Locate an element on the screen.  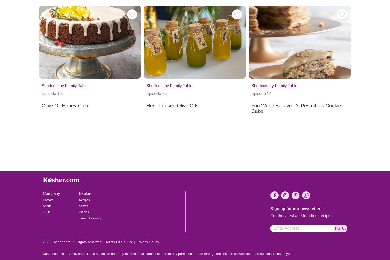
'Sign Up' is located at coordinates (340, 228).